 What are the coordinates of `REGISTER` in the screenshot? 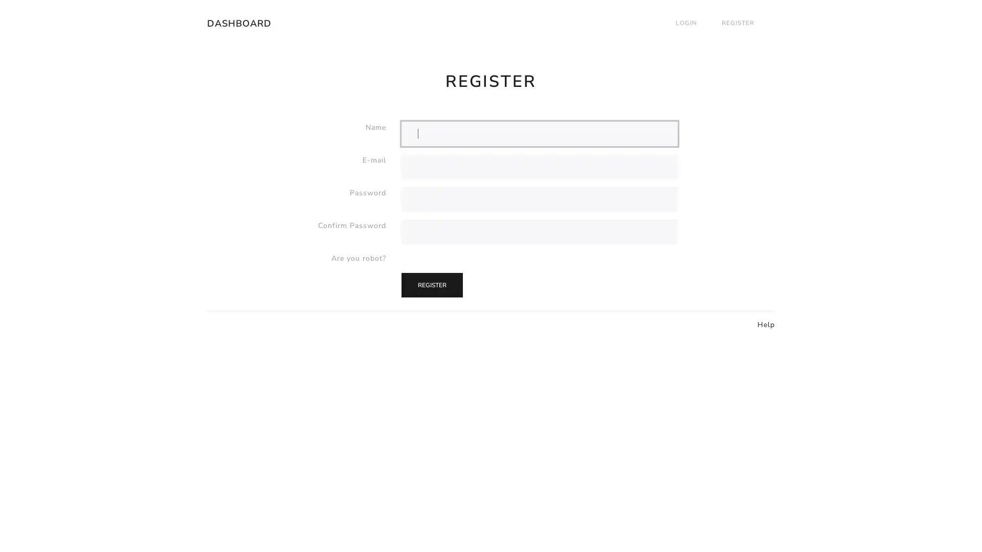 It's located at (432, 284).